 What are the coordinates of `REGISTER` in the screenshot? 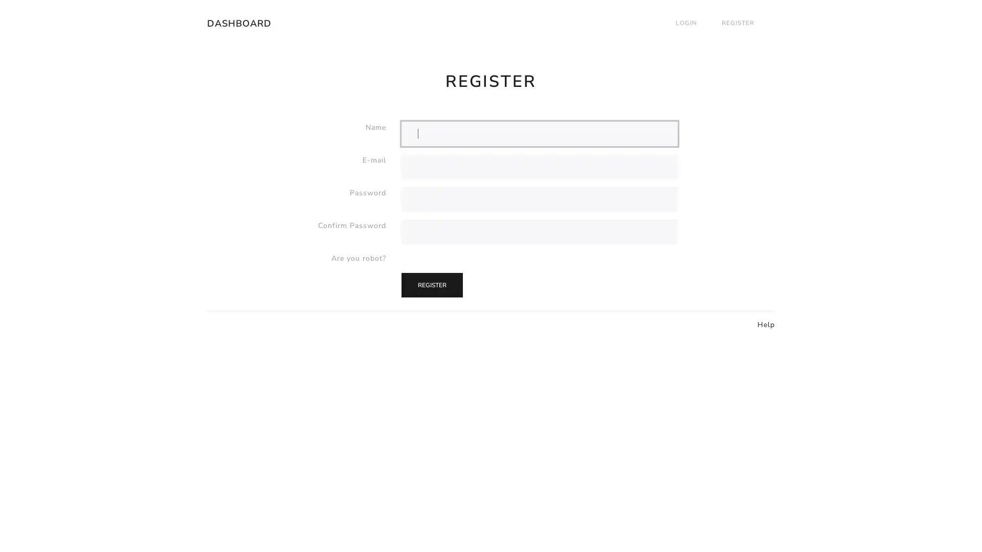 It's located at (432, 284).